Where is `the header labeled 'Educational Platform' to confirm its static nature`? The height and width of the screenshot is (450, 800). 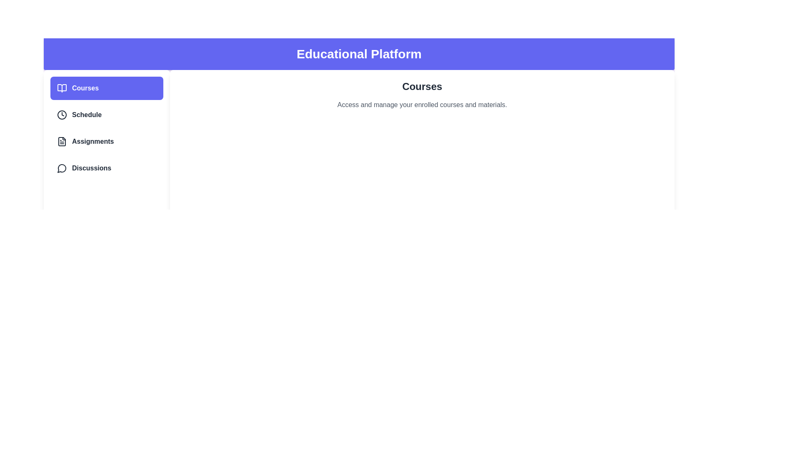
the header labeled 'Educational Platform' to confirm its static nature is located at coordinates (359, 54).